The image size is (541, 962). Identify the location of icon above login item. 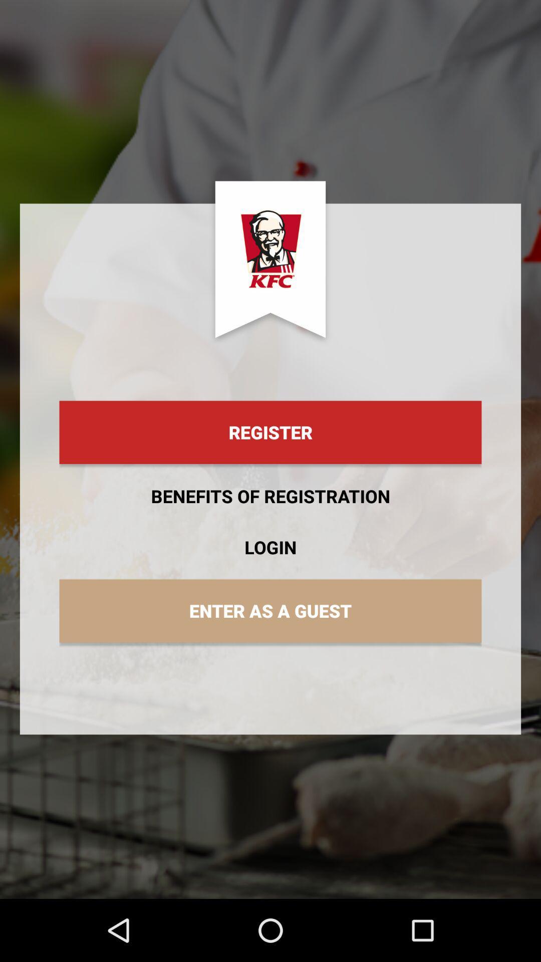
(270, 496).